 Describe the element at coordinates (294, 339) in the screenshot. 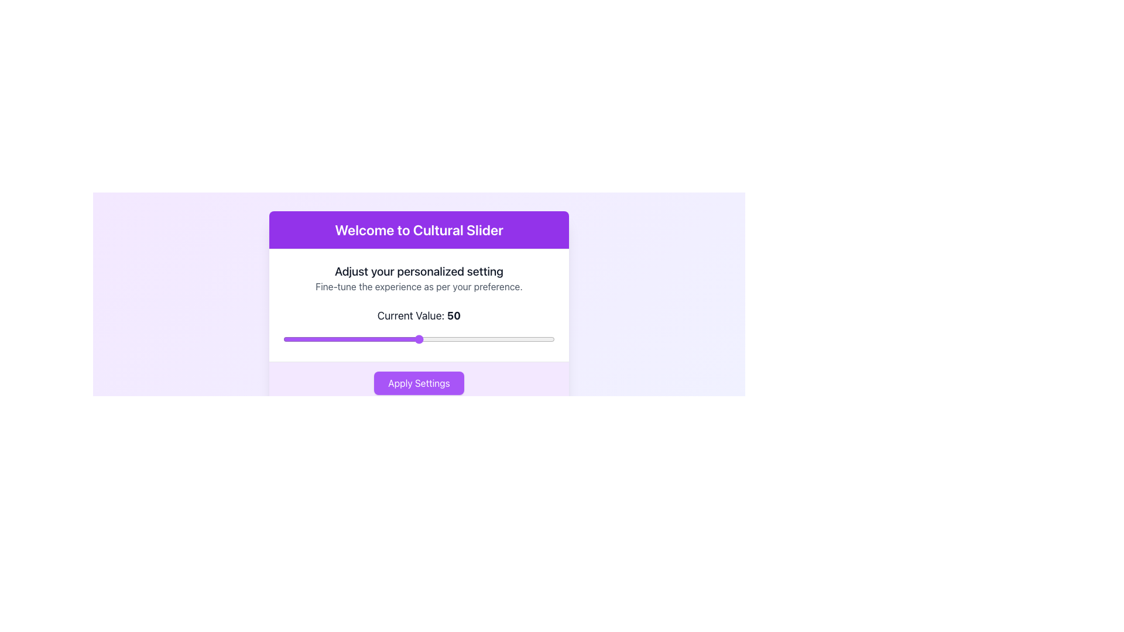

I see `slider value` at that location.